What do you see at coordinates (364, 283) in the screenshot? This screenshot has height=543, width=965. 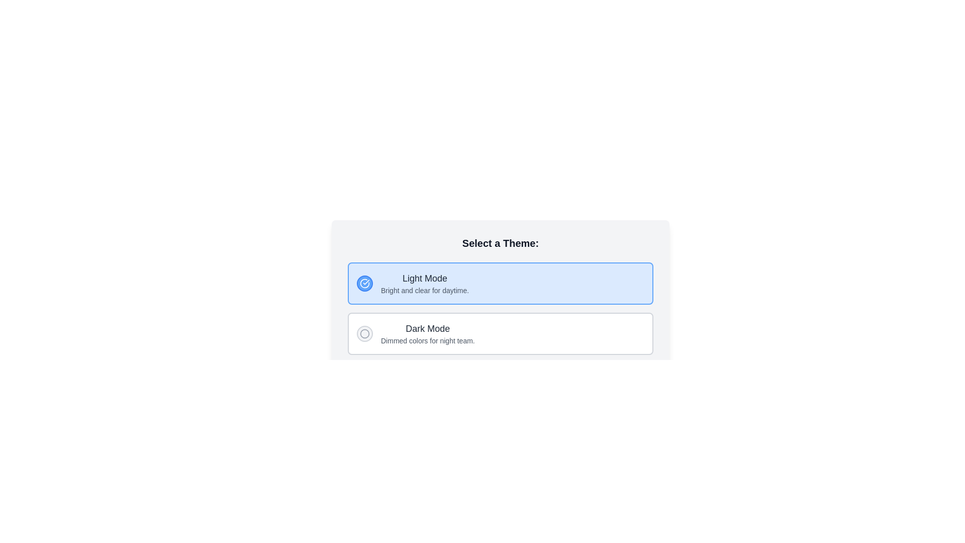 I see `the graphical decoration icon used for selection or emphasis on the 'Light Mode' card, located at the top-left corner of the selection button` at bounding box center [364, 283].